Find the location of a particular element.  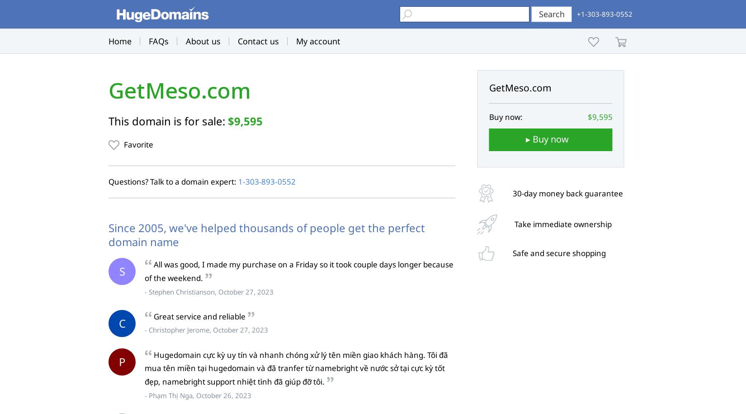

'1‑303‑893‑0552' is located at coordinates (238, 181).